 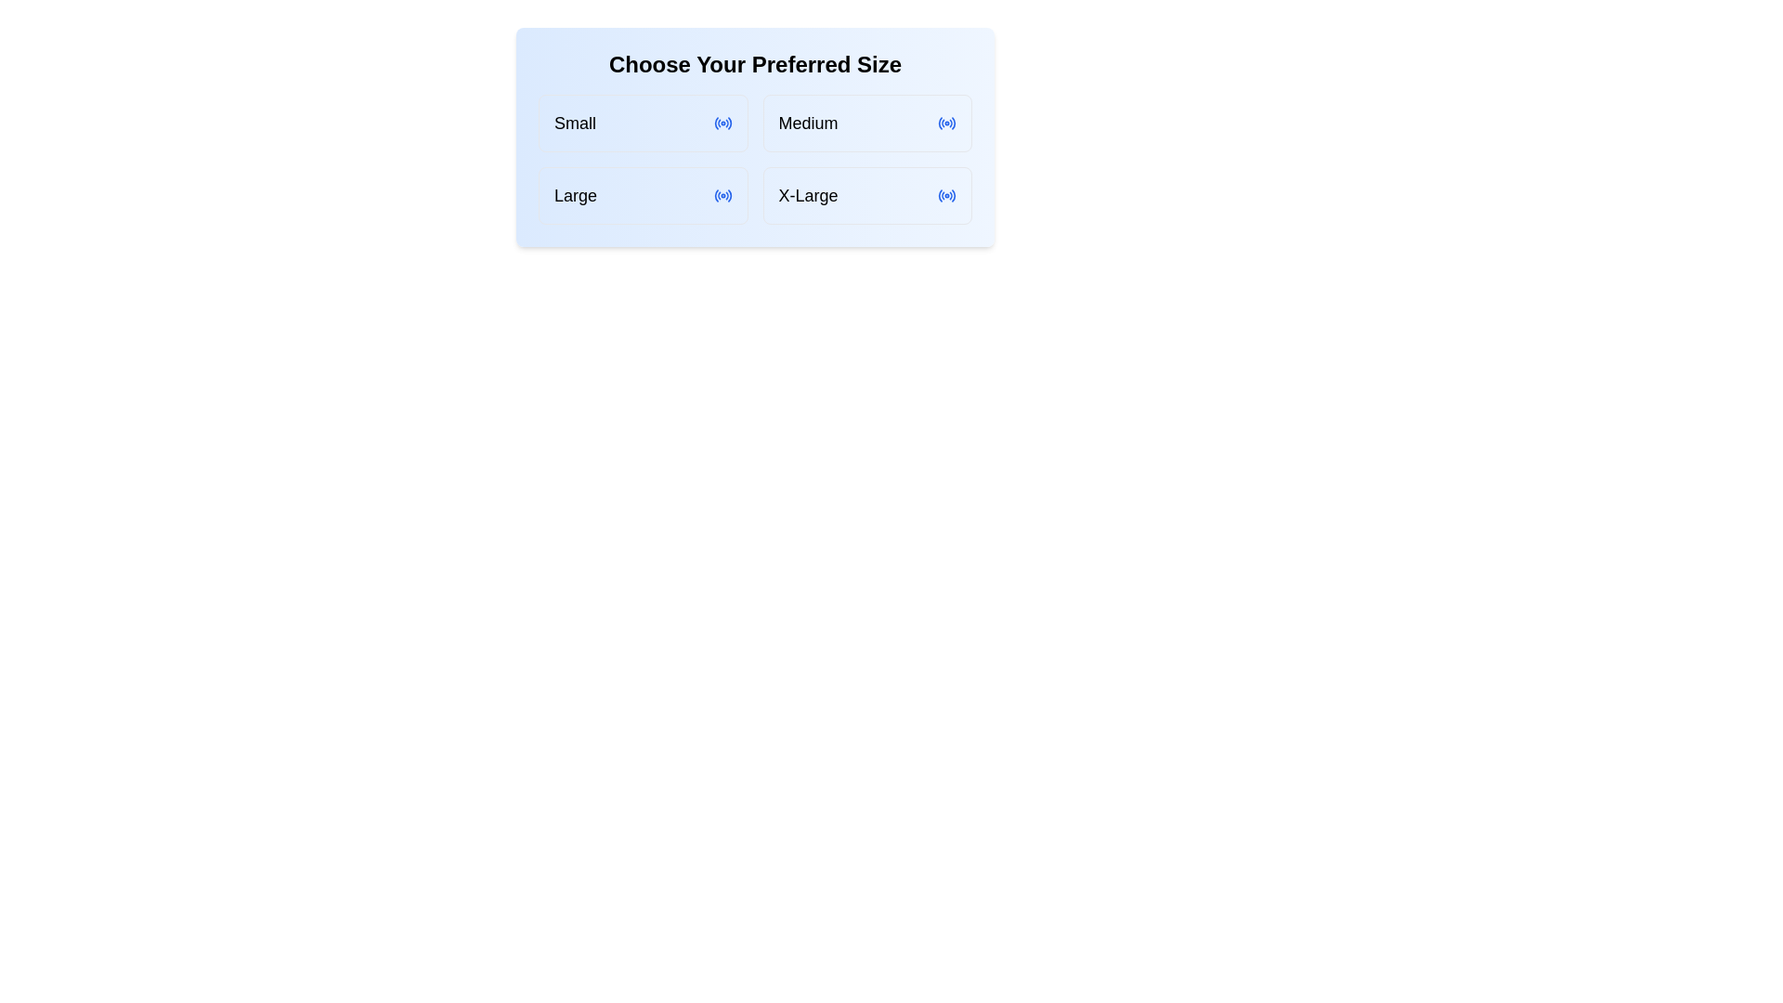 What do you see at coordinates (808, 123) in the screenshot?
I see `the 'Medium' text element, which is part of a selection choice displayed in a grid layout, from its current position` at bounding box center [808, 123].